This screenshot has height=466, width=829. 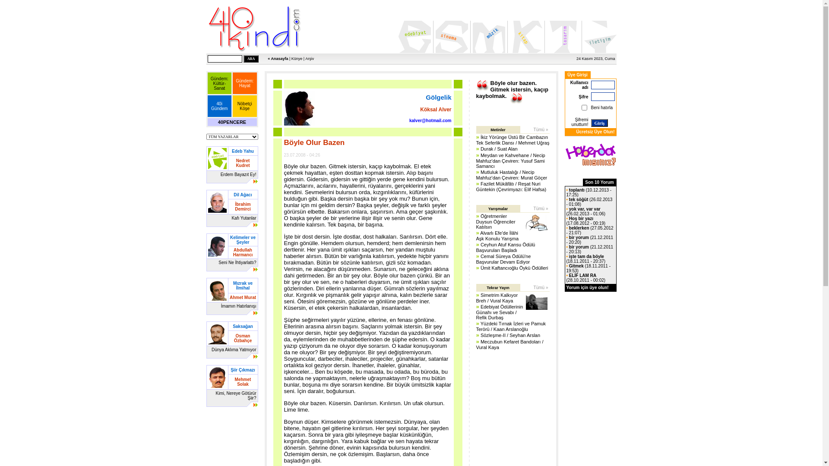 What do you see at coordinates (525, 36) in the screenshot?
I see `'Kitap'` at bounding box center [525, 36].